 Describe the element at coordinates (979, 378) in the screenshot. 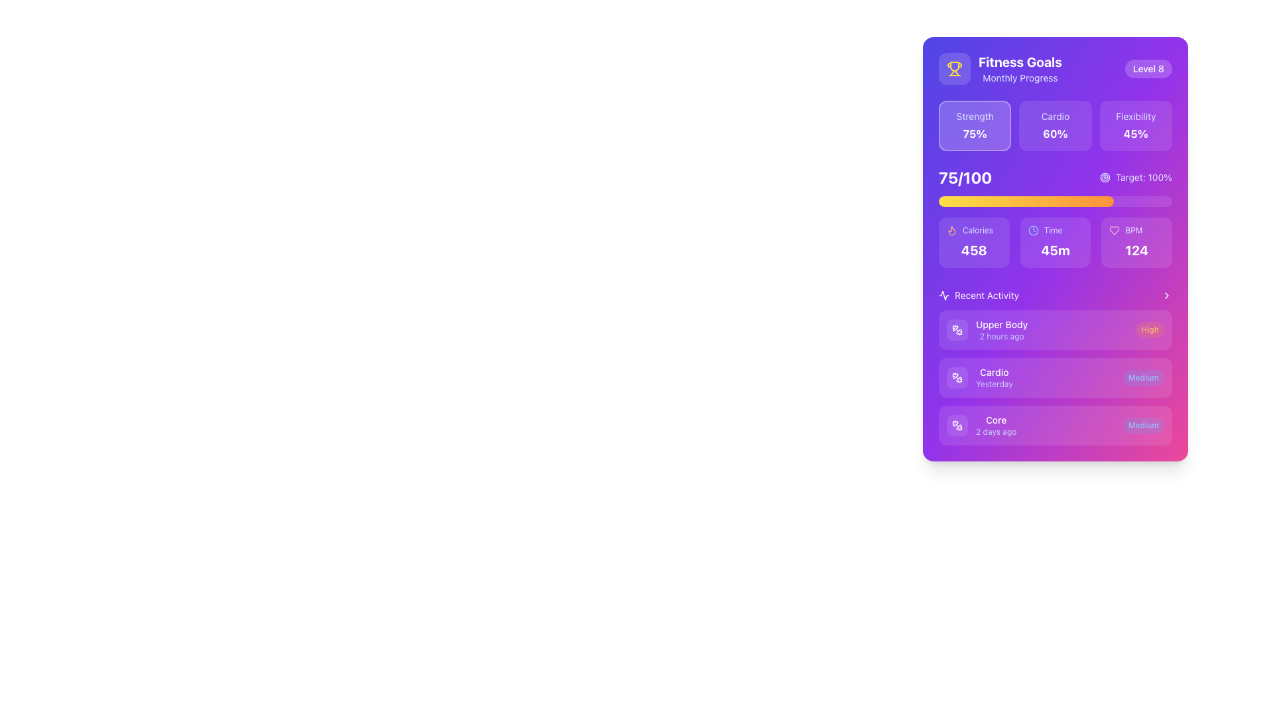

I see `the 'Cardio' activity card, which is the second entry in the 'Recent Activity' section` at that location.